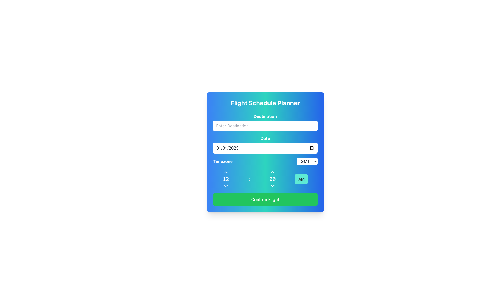 The height and width of the screenshot is (282, 501). Describe the element at coordinates (301, 179) in the screenshot. I see `the rectangular button with rounded corners that has the text 'AM' in bold dark gray, located on the right side of the time selection section` at that location.